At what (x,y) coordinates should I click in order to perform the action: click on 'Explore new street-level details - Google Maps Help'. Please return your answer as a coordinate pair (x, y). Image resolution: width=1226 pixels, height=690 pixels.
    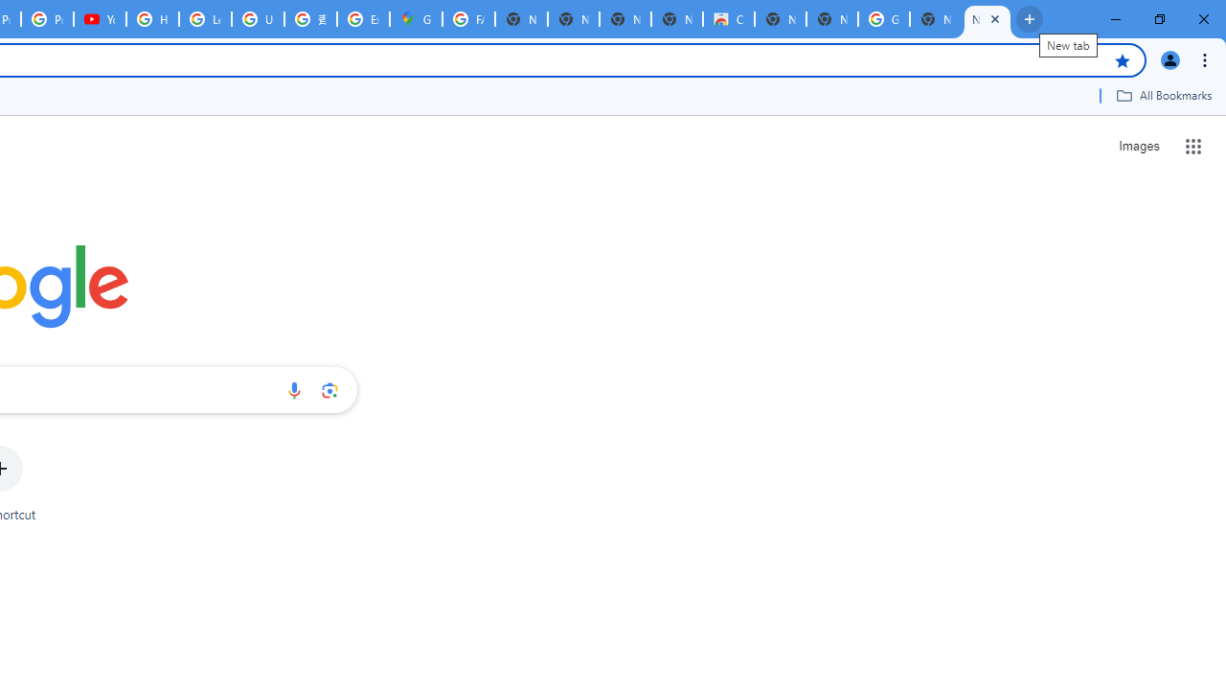
    Looking at the image, I should click on (363, 19).